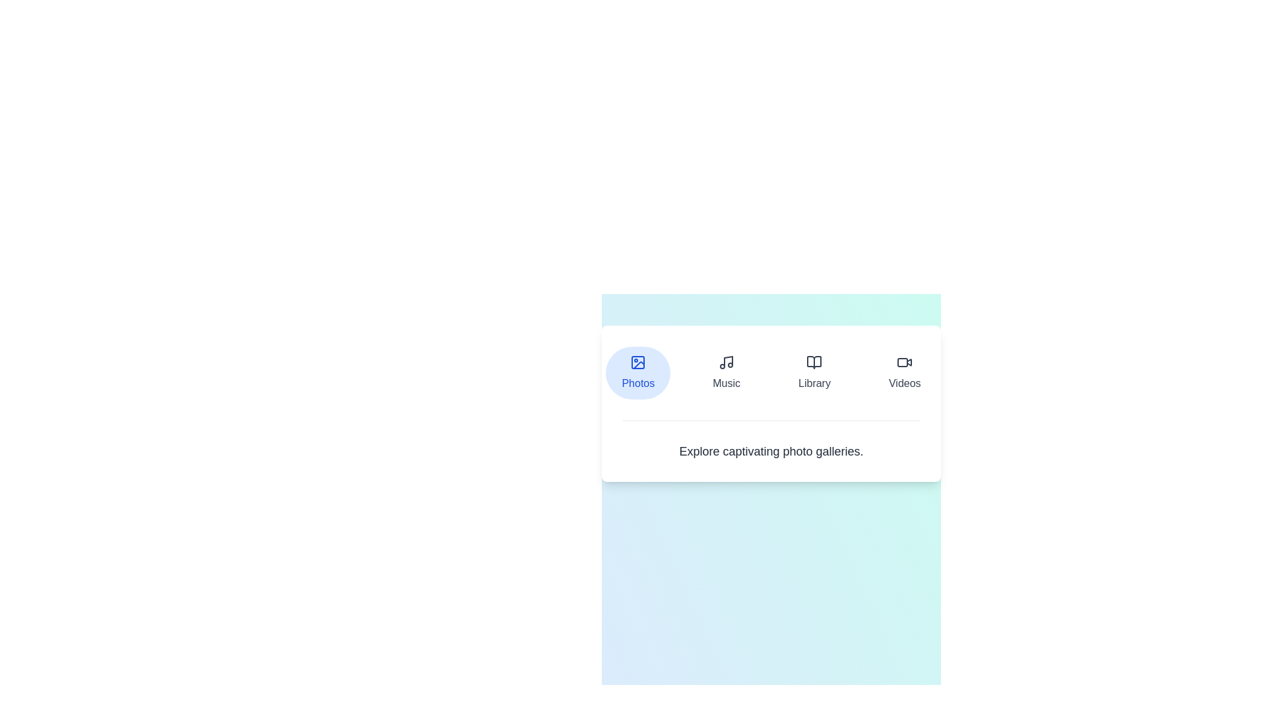 This screenshot has height=712, width=1267. I want to click on the 'Library' text label in the navigation bar, so click(814, 384).